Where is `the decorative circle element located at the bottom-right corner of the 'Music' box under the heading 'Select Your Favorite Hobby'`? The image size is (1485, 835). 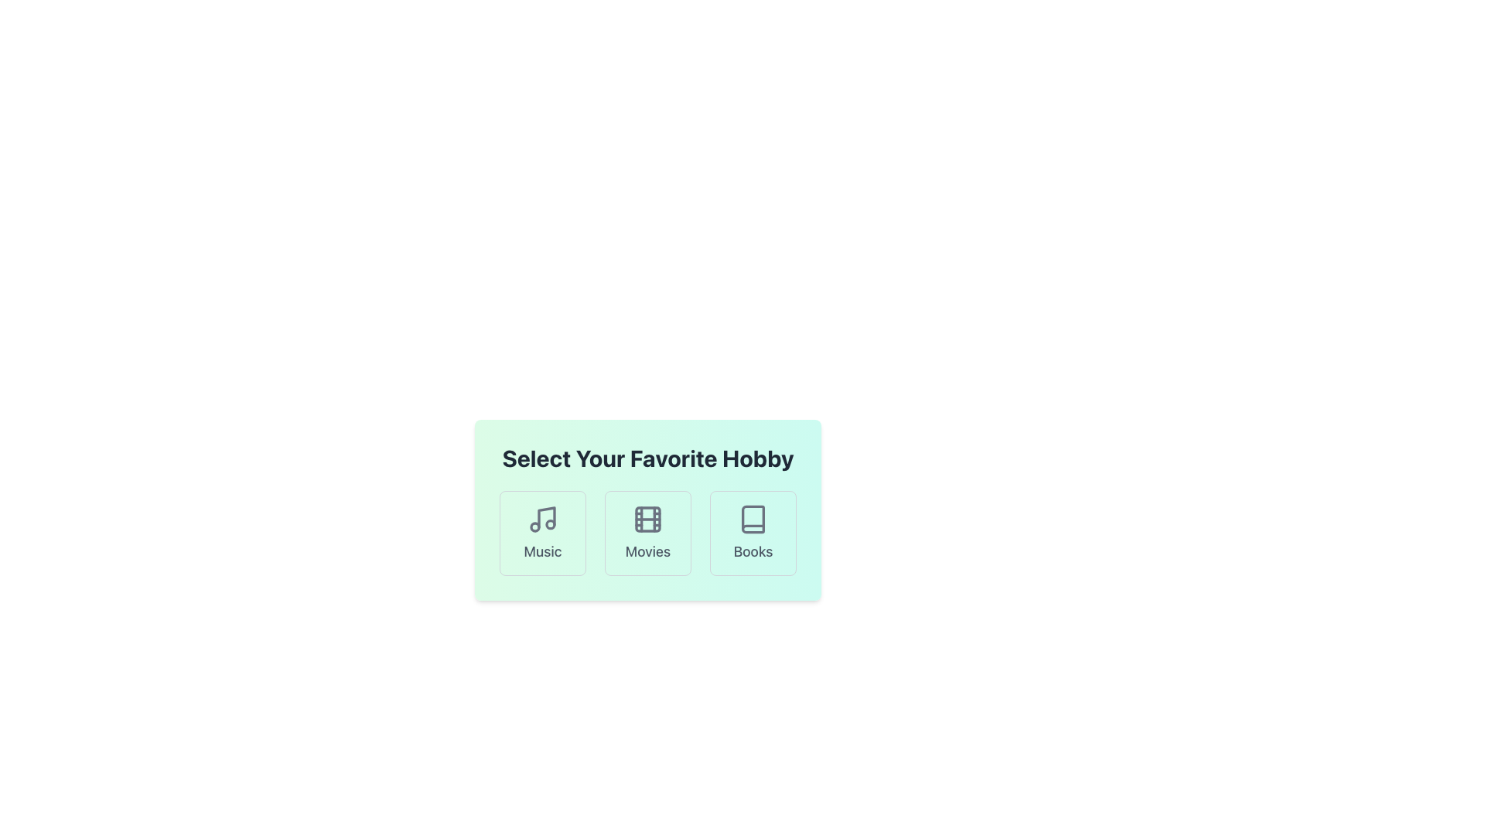
the decorative circle element located at the bottom-right corner of the 'Music' box under the heading 'Select Your Favorite Hobby' is located at coordinates (550, 523).